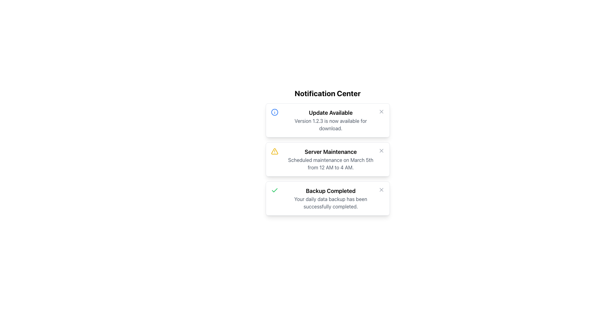 The image size is (596, 335). I want to click on the information presented in the 'Backup Completed' notification card, which features a green checkmark icon, a bold title, and a description text, so click(327, 199).